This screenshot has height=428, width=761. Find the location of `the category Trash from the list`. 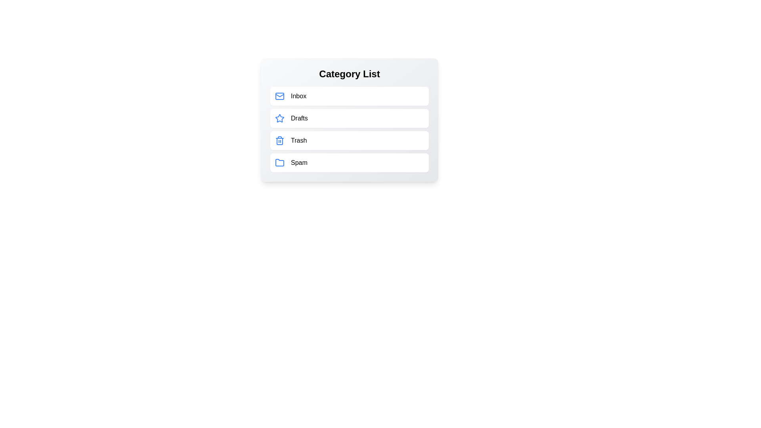

the category Trash from the list is located at coordinates (349, 140).